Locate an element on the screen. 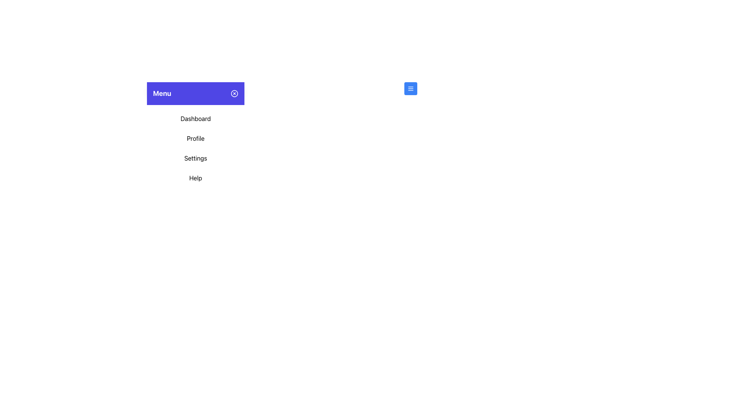  the fourth navigation button in the vertically arranged menu list, located beneath the 'Settings' button, to highlight it is located at coordinates (195, 178).